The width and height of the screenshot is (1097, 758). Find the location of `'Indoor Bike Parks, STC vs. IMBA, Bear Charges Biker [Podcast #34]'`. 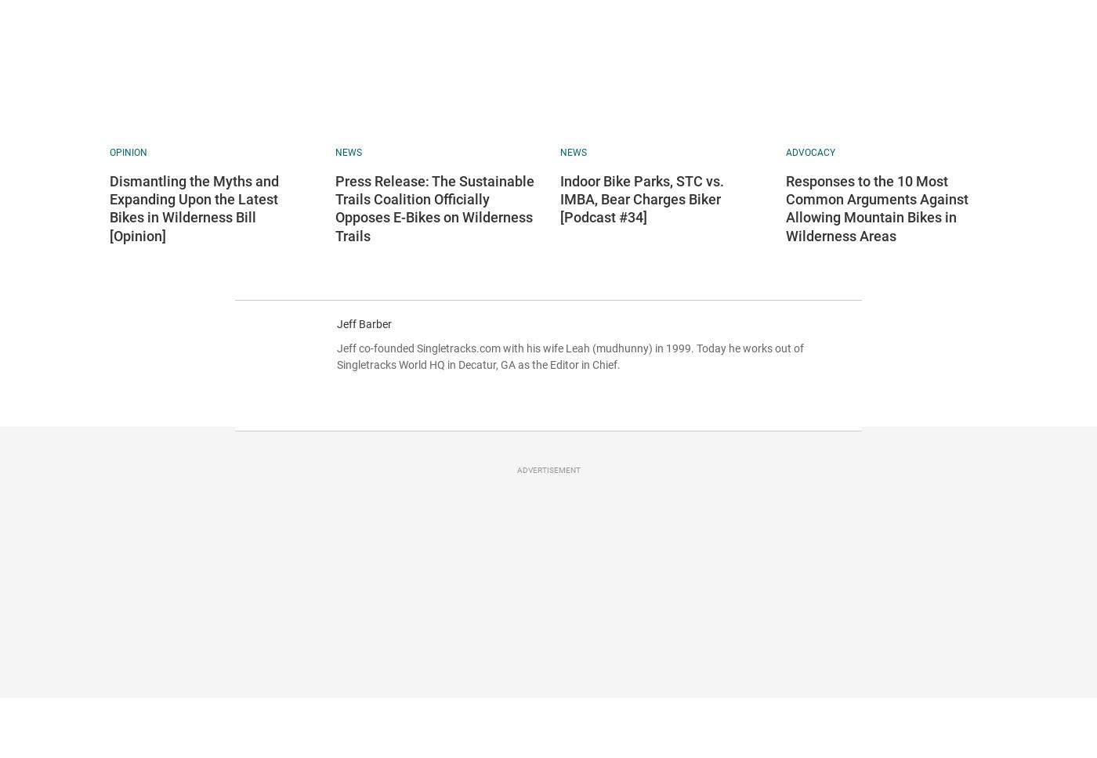

'Indoor Bike Parks, STC vs. IMBA, Bear Charges Biker [Podcast #34]' is located at coordinates (642, 199).